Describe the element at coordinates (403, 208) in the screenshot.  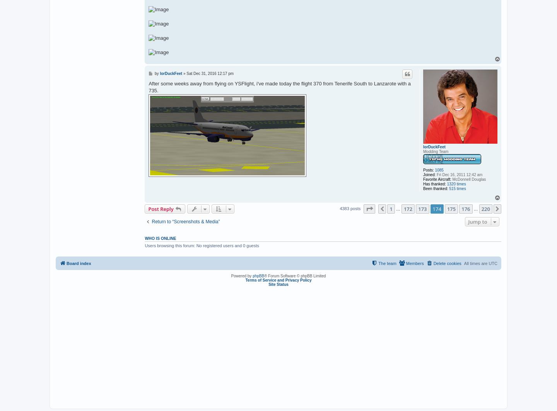
I see `'172'` at that location.